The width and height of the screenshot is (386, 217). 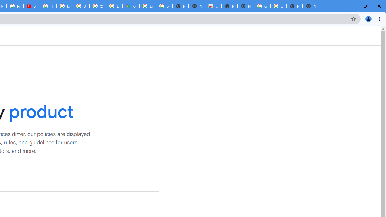 I want to click on 'Subscriptions - YouTube', so click(x=31, y=6).